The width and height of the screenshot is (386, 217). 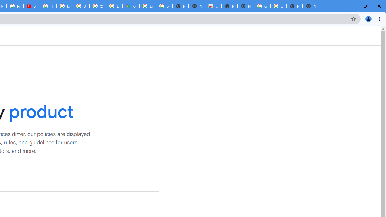 I want to click on 'Subscriptions - YouTube', so click(x=31, y=6).